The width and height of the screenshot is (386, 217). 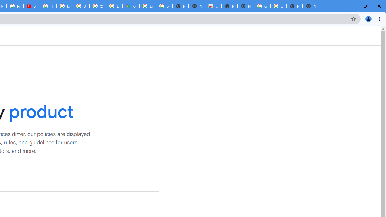 I want to click on 'Subscriptions - YouTube', so click(x=31, y=6).